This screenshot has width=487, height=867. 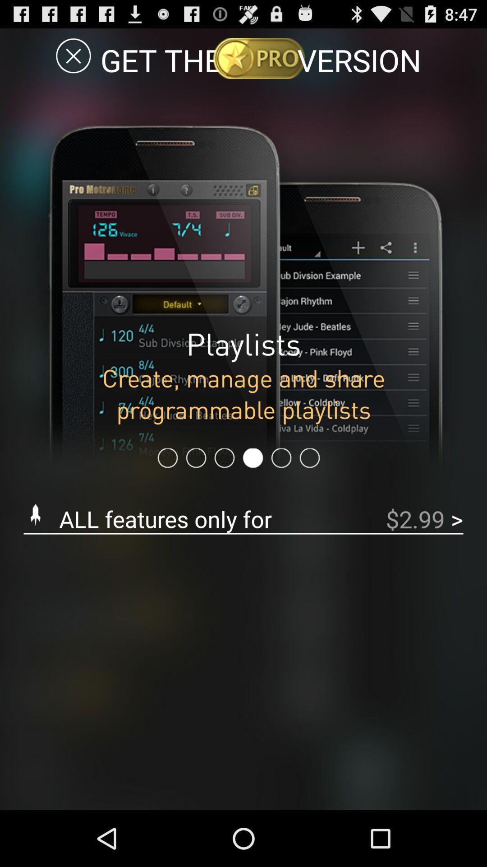 What do you see at coordinates (73, 55) in the screenshot?
I see `the e` at bounding box center [73, 55].